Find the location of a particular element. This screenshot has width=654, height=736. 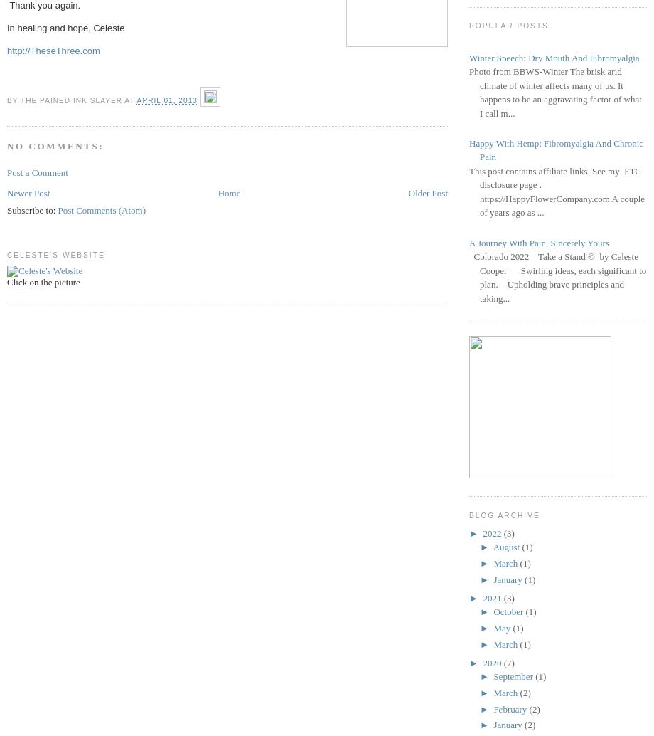

'(7)' is located at coordinates (508, 661).